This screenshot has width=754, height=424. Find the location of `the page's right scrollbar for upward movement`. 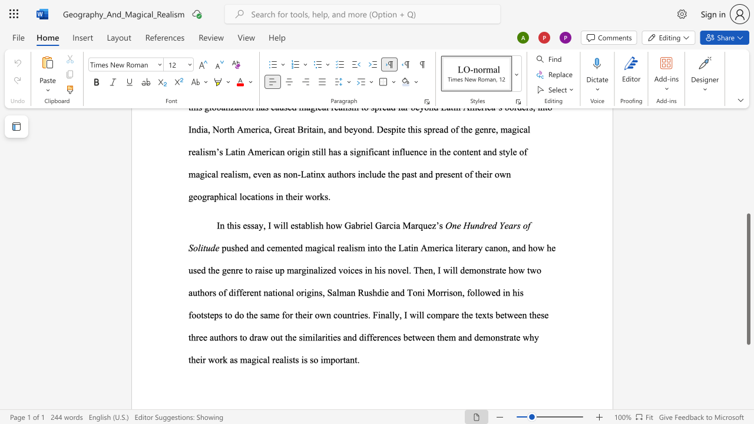

the page's right scrollbar for upward movement is located at coordinates (748, 146).